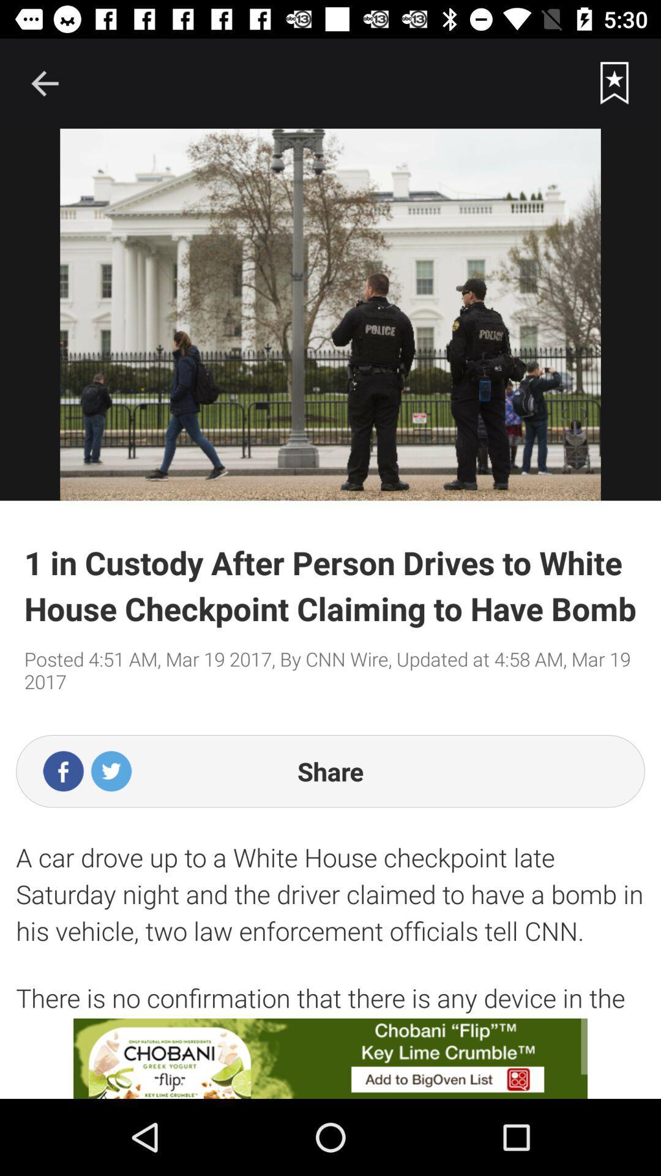 Image resolution: width=661 pixels, height=1176 pixels. I want to click on see advertisement, so click(330, 1058).